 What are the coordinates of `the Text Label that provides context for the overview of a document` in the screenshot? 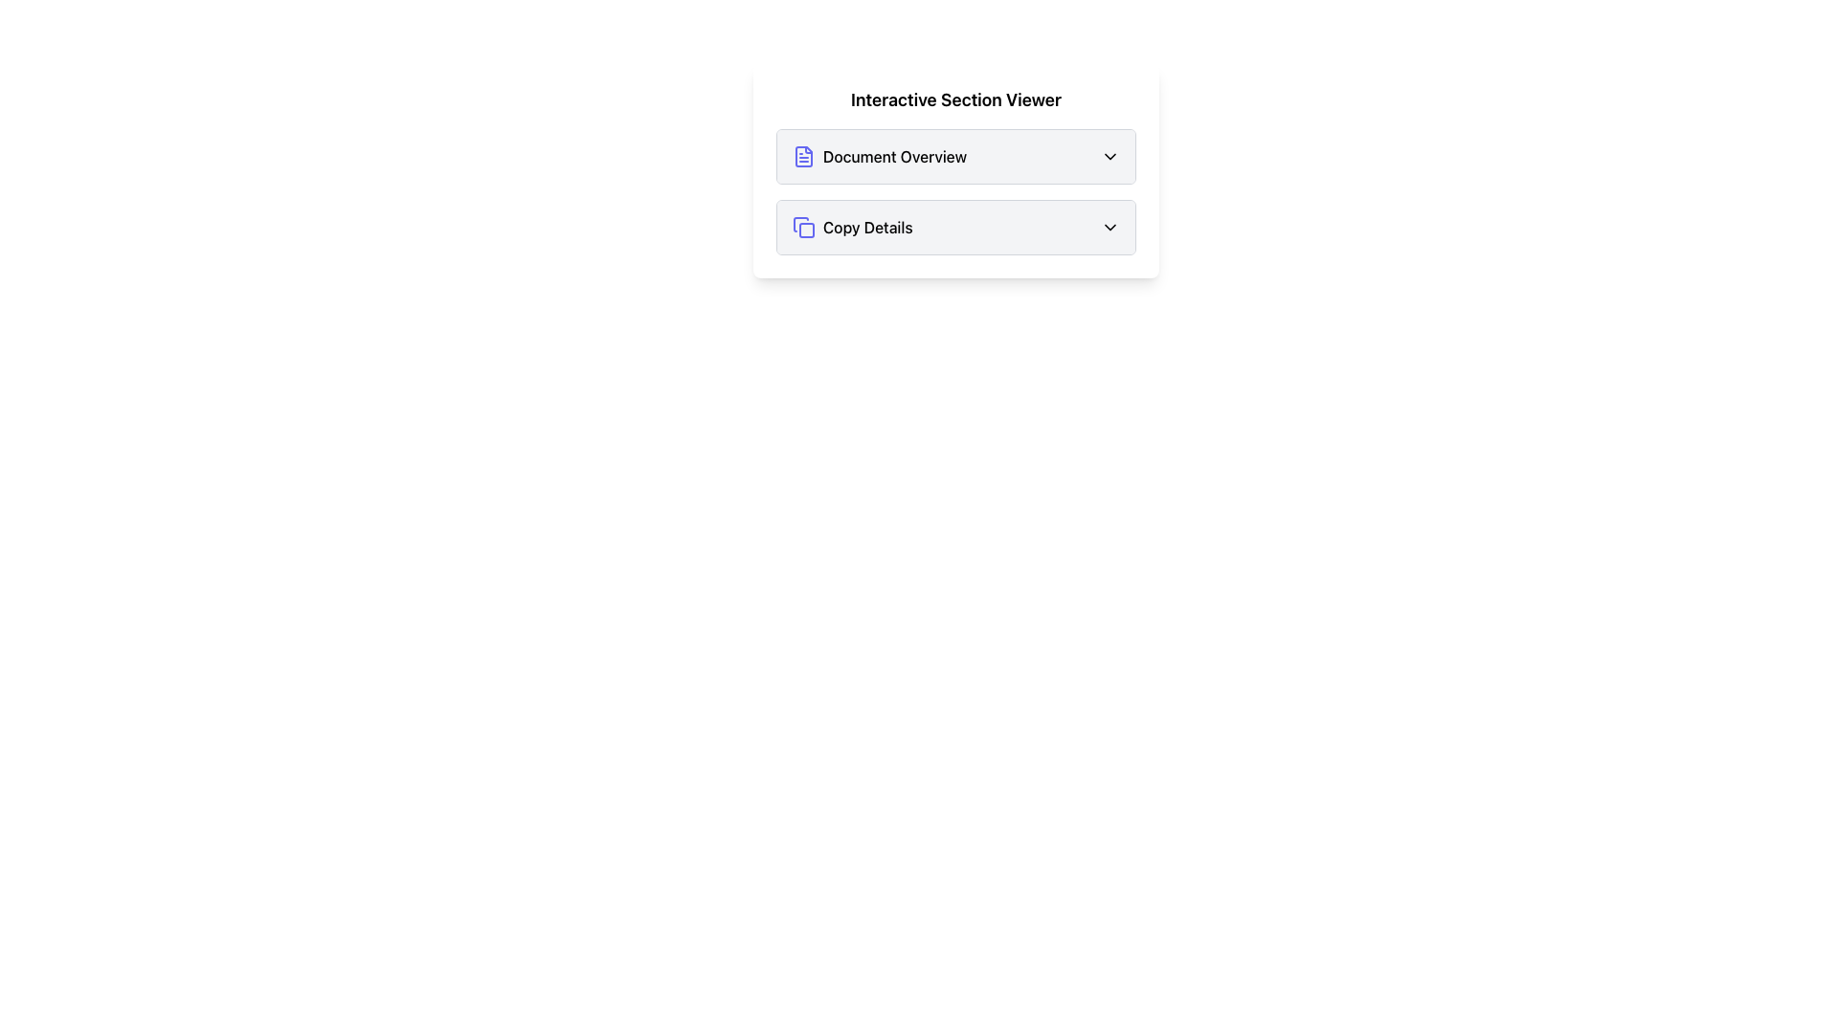 It's located at (894, 156).